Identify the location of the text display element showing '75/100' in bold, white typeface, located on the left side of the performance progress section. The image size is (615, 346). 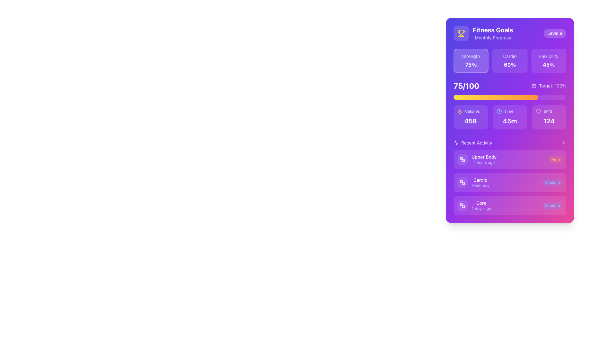
(466, 85).